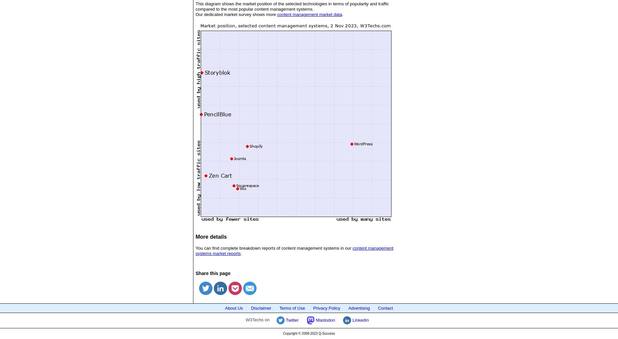  I want to click on 'Disclaimer', so click(261, 307).